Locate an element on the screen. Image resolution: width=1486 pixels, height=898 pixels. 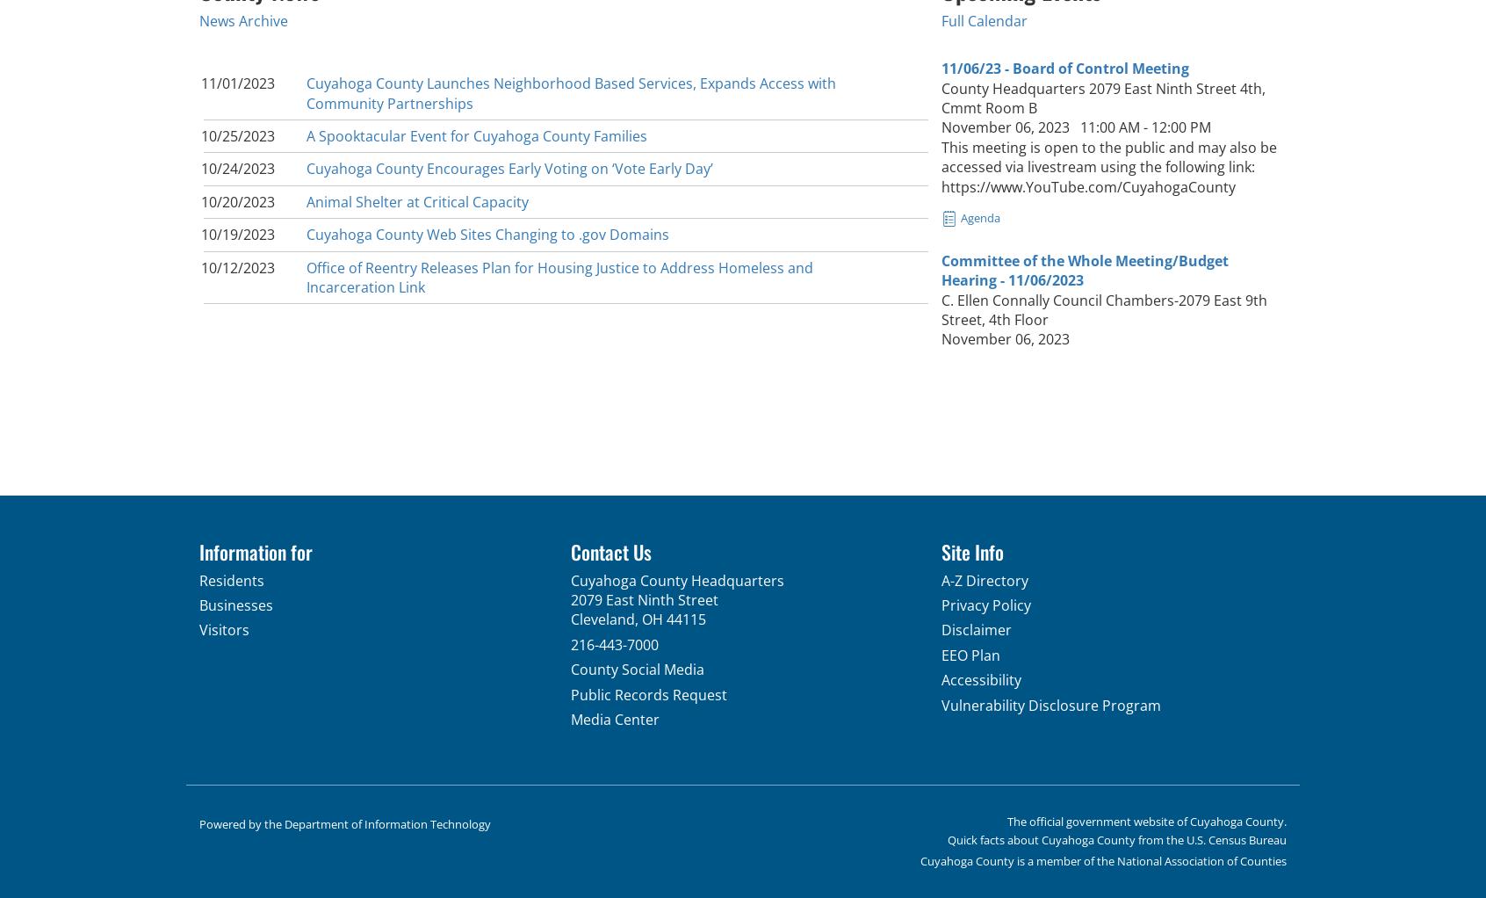
'11:00 AM' is located at coordinates (1109, 127).